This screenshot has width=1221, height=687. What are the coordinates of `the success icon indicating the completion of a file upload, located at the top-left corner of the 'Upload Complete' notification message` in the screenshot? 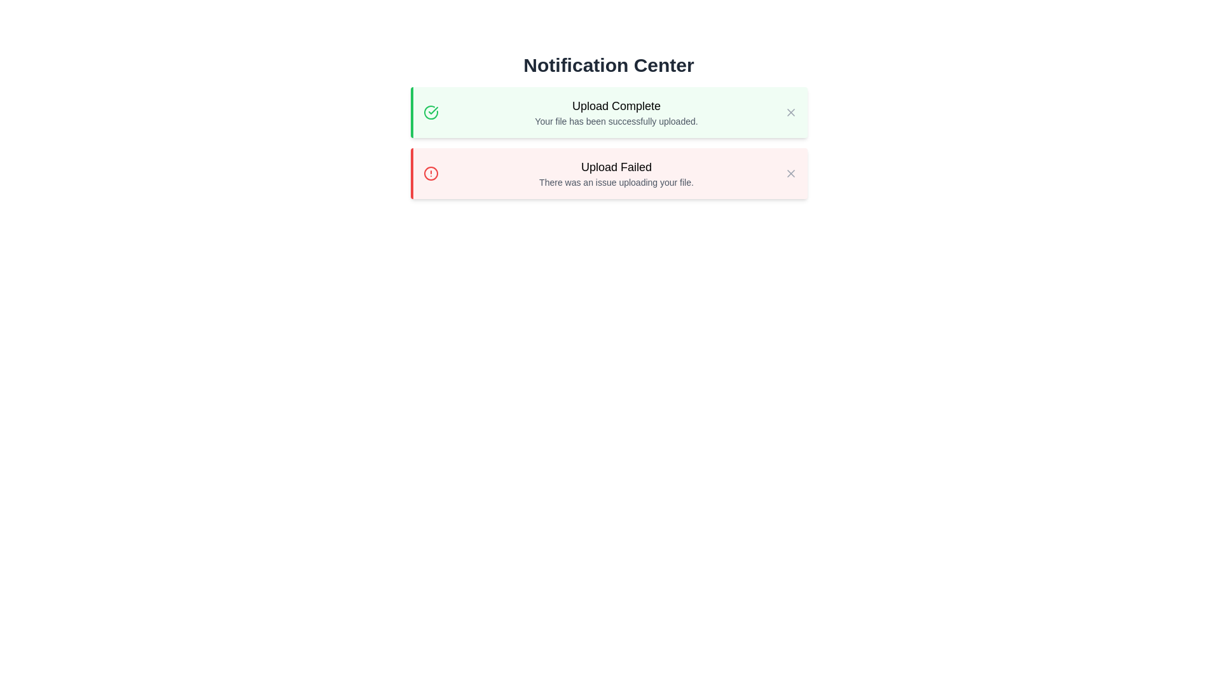 It's located at (431, 112).